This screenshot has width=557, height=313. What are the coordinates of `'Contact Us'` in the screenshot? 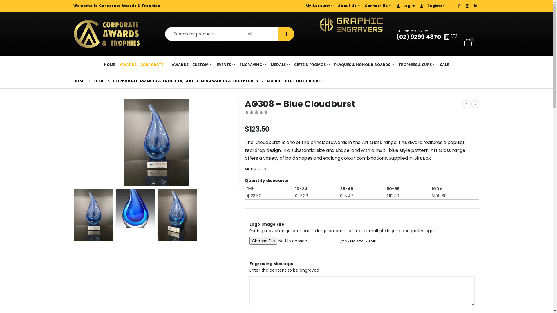 It's located at (377, 6).